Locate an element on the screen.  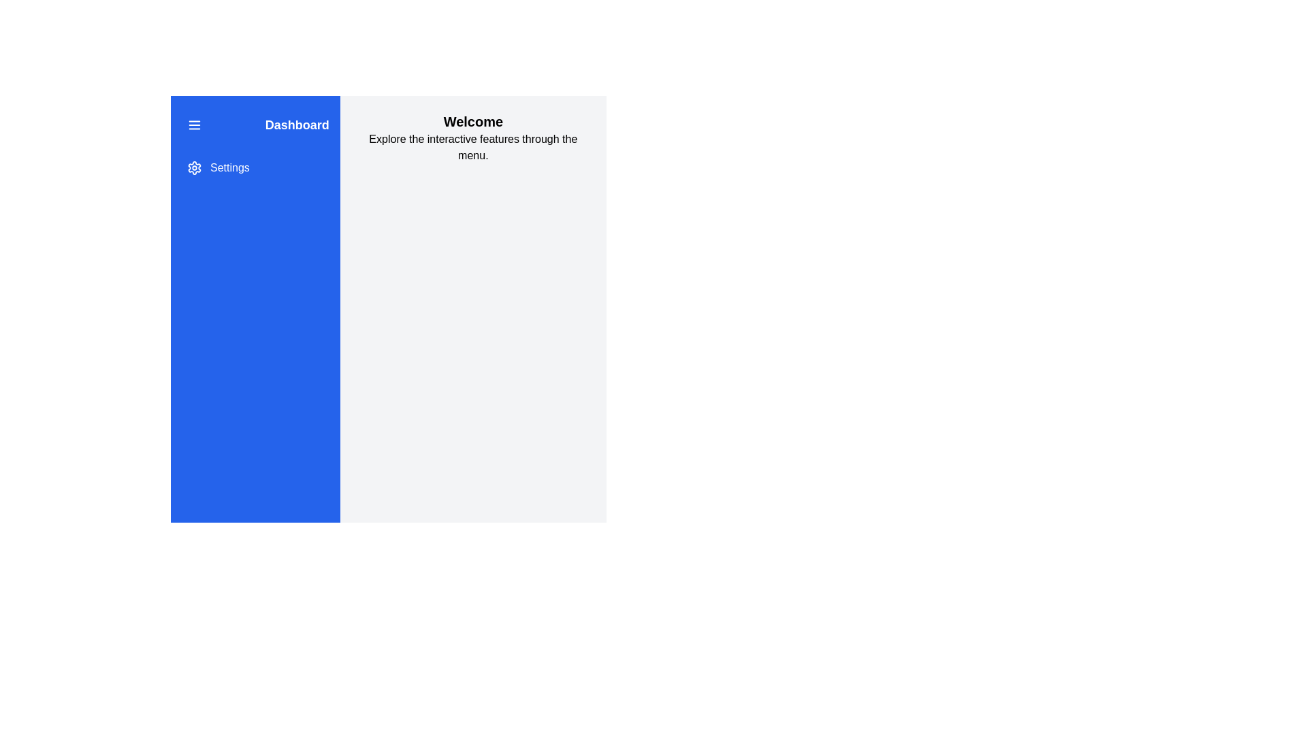
the Text Label that serves as a header or title, located in the header area of the gray content section, positioned above the text element that reads 'Explore the interactive features through the menu.' is located at coordinates (473, 120).